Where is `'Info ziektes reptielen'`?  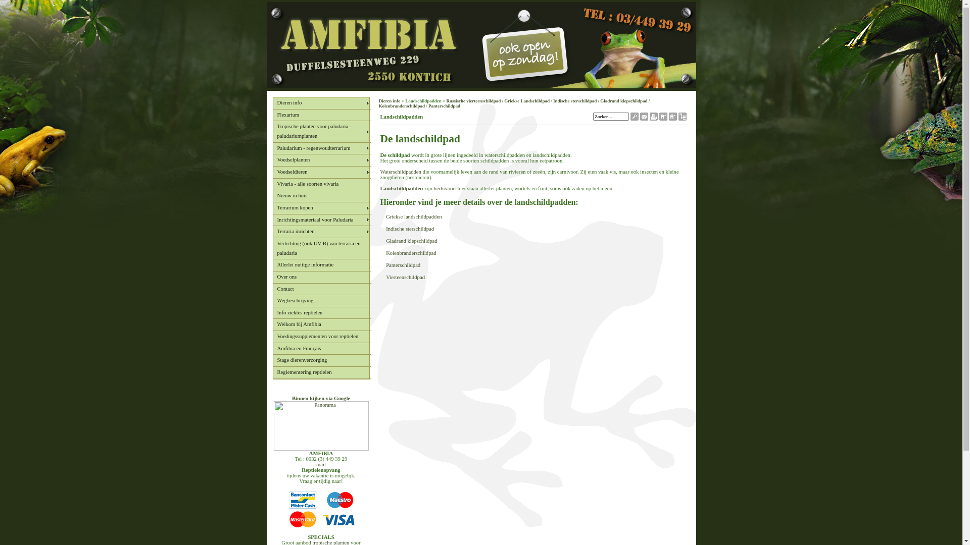
'Info ziektes reptielen' is located at coordinates (321, 313).